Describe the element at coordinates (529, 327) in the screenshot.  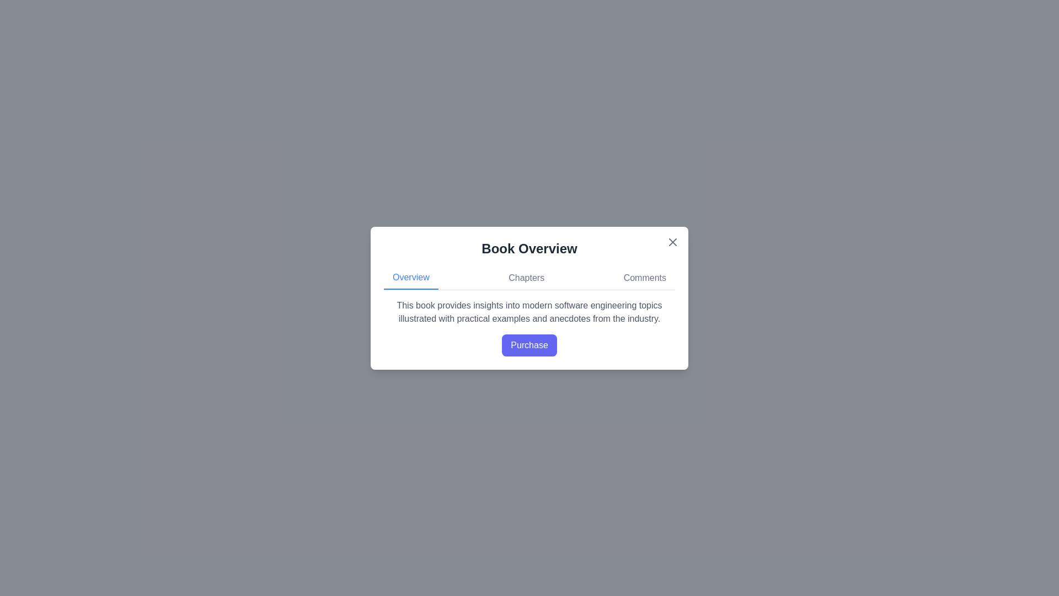
I see `the 'Purchase' button located in the modal interface under the header 'Book Overview' to observe the hover styling` at that location.